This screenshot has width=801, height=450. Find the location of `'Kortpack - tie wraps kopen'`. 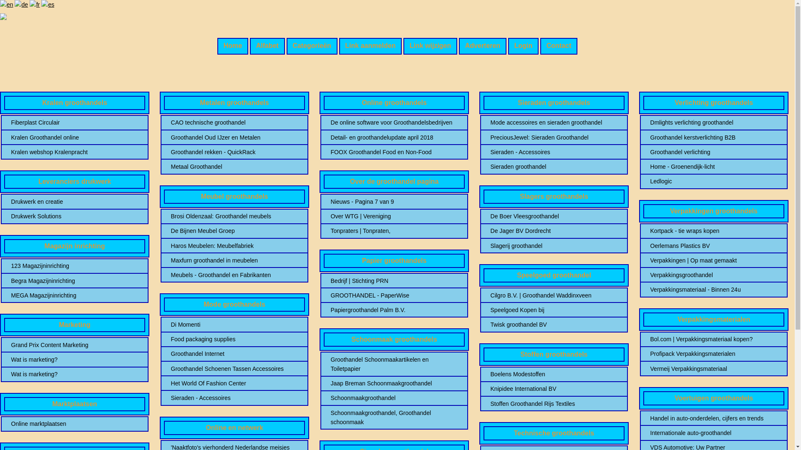

'Kortpack - tie wraps kopen' is located at coordinates (650, 231).